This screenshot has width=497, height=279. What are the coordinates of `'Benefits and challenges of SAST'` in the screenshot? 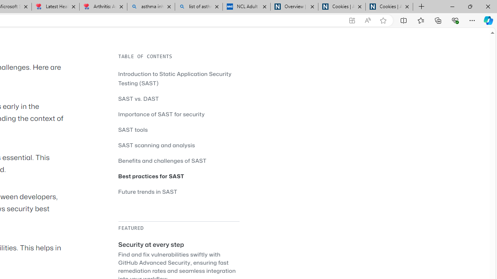 It's located at (162, 160).